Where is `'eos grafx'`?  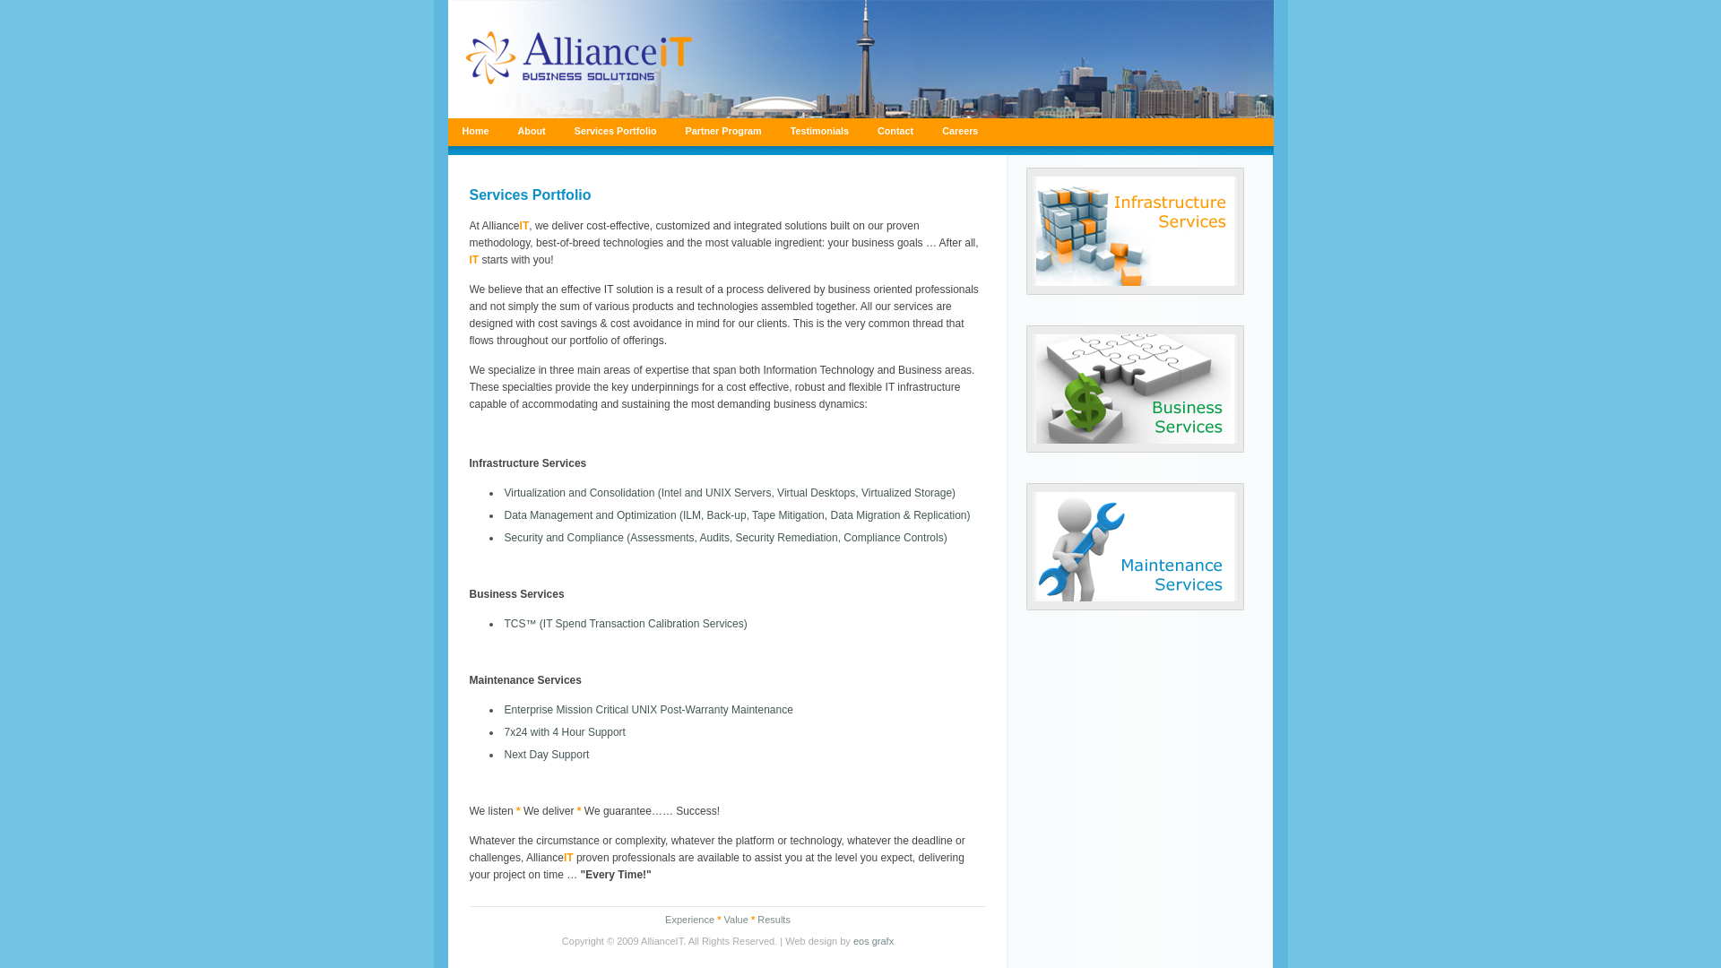
'eos grafx' is located at coordinates (873, 939).